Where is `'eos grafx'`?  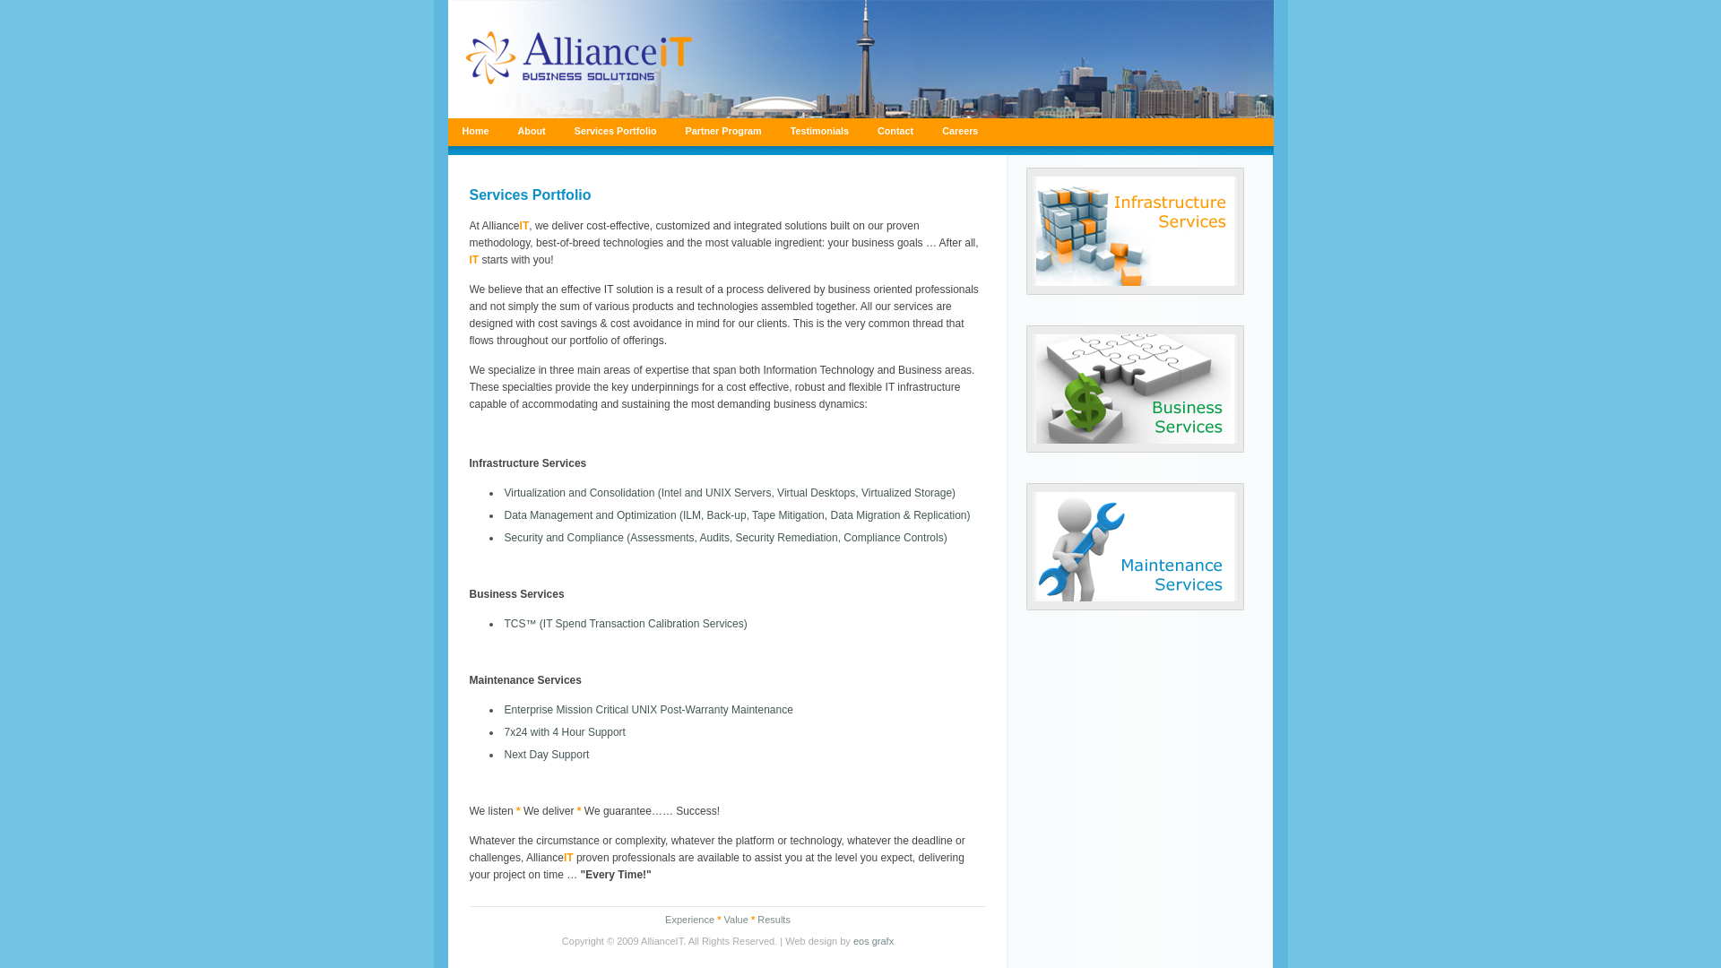
'eos grafx' is located at coordinates (873, 939).